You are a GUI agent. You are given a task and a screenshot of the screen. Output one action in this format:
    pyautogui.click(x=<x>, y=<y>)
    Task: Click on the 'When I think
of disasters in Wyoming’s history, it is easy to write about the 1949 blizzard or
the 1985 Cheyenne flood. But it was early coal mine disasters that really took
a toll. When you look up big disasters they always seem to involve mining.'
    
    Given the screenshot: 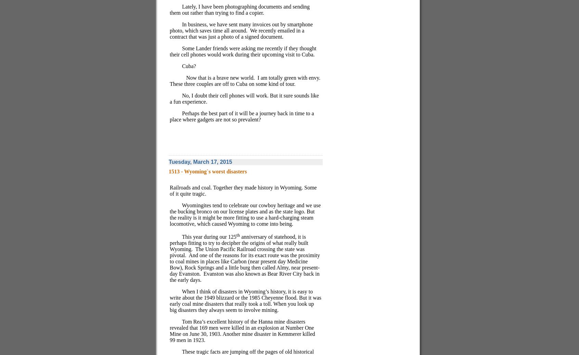 What is the action you would take?
    pyautogui.click(x=169, y=301)
    